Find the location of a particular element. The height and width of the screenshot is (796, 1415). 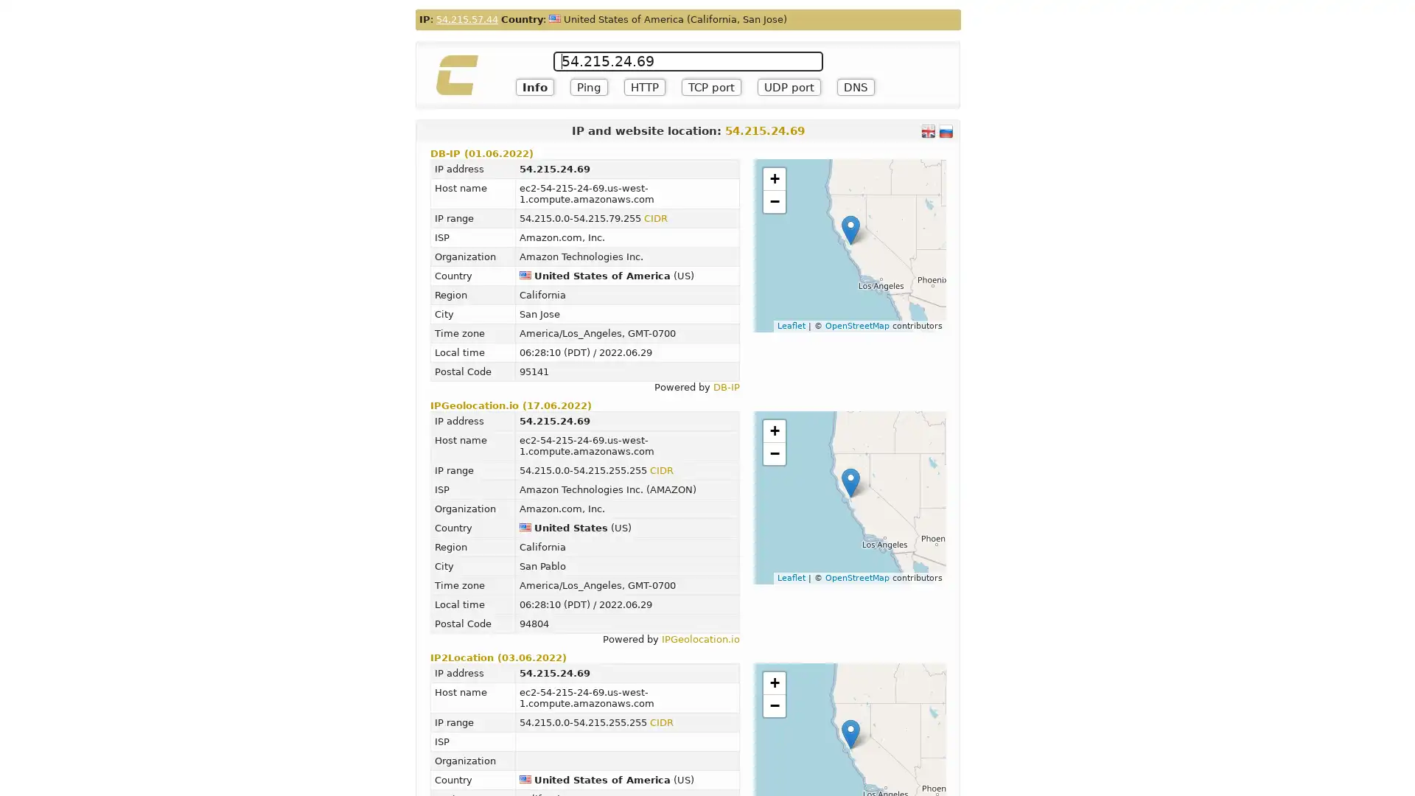

Zoom out is located at coordinates (774, 453).